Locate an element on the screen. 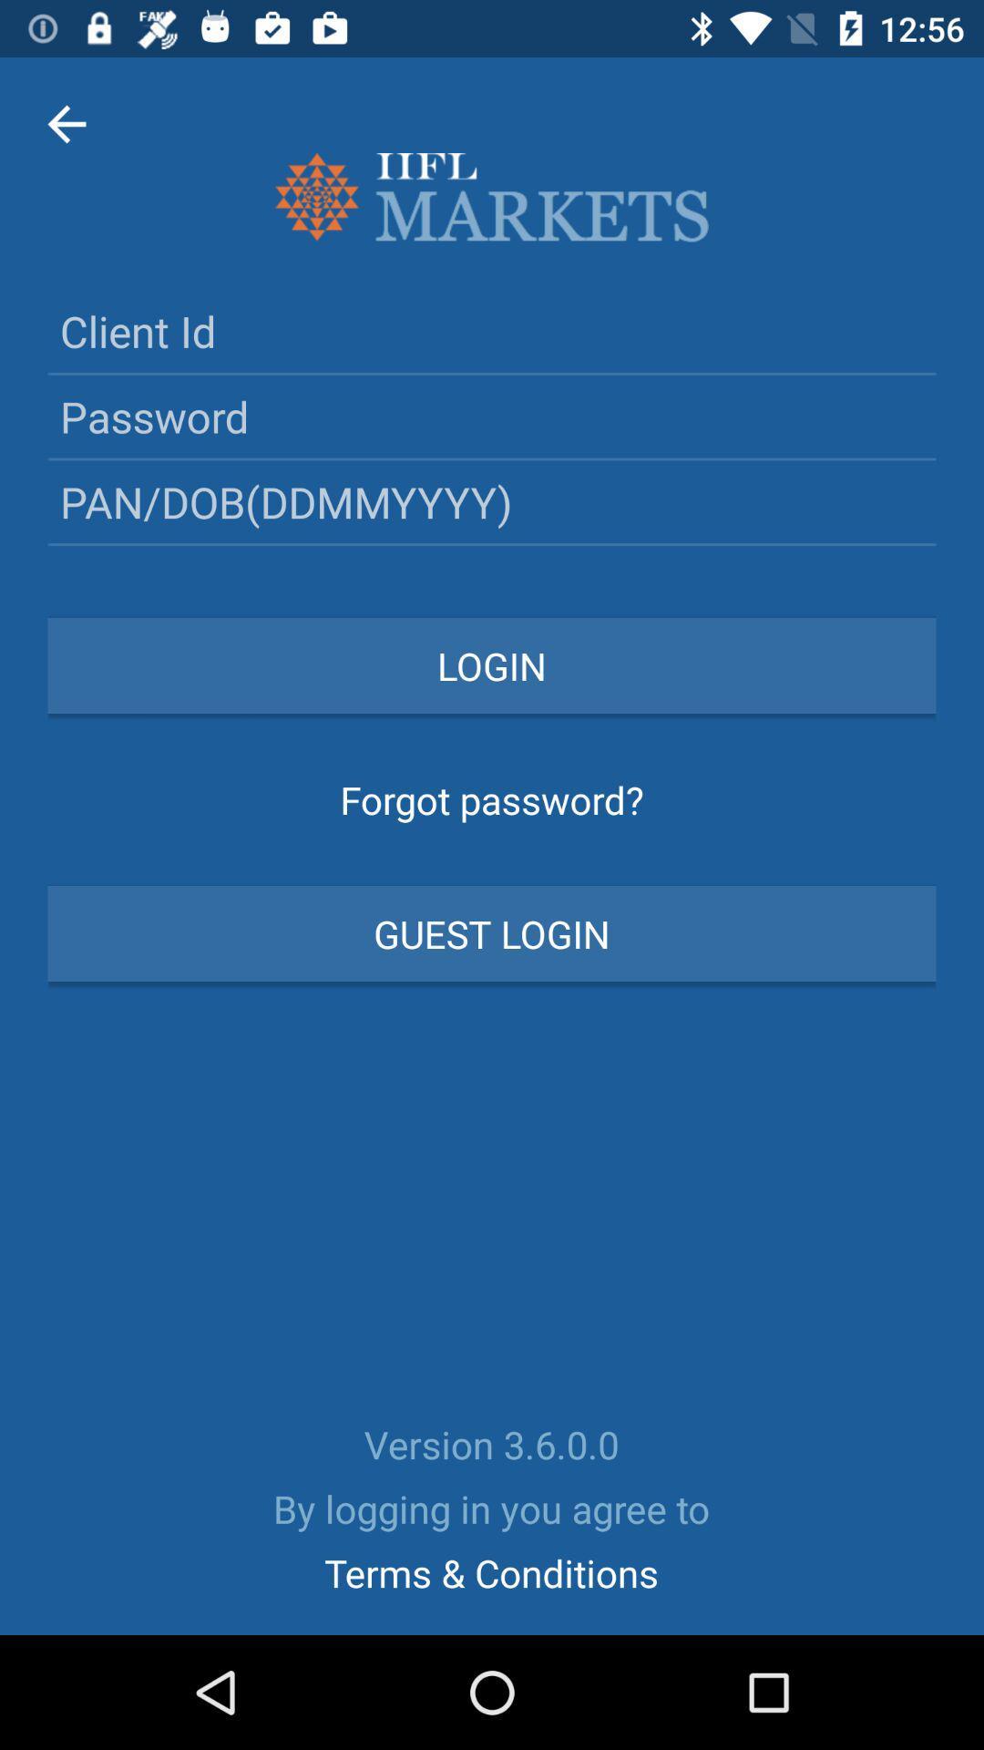 Image resolution: width=984 pixels, height=1750 pixels. password below the text client id is located at coordinates (492, 416).